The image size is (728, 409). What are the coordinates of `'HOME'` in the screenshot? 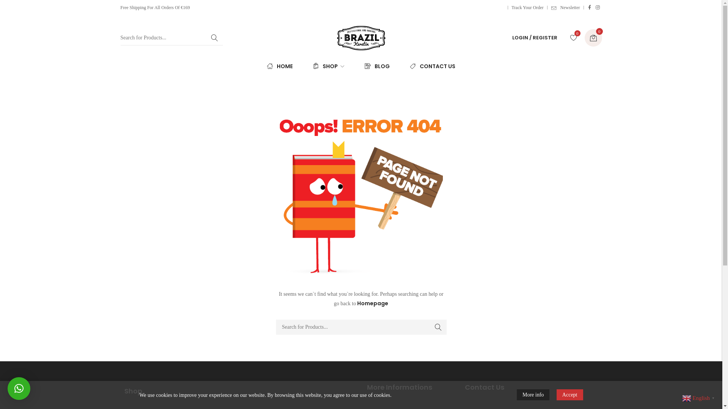 It's located at (281, 66).